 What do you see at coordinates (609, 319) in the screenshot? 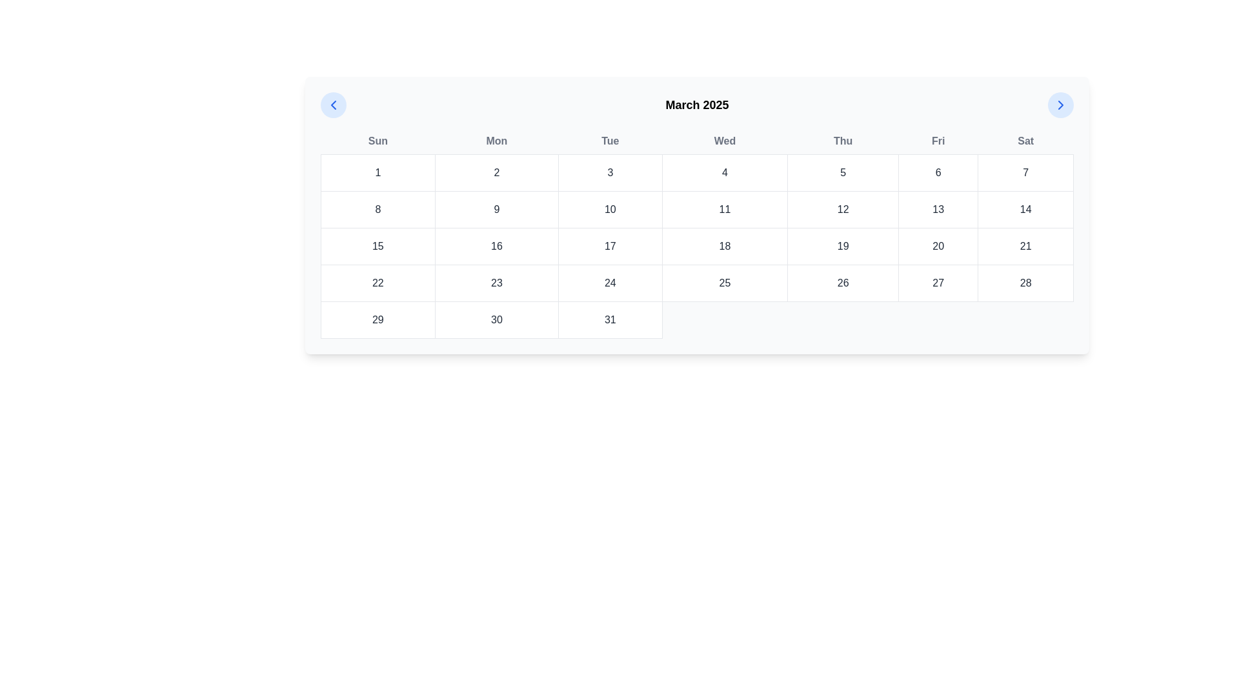
I see `the Calendar Date Cell displaying the number '31'` at bounding box center [609, 319].